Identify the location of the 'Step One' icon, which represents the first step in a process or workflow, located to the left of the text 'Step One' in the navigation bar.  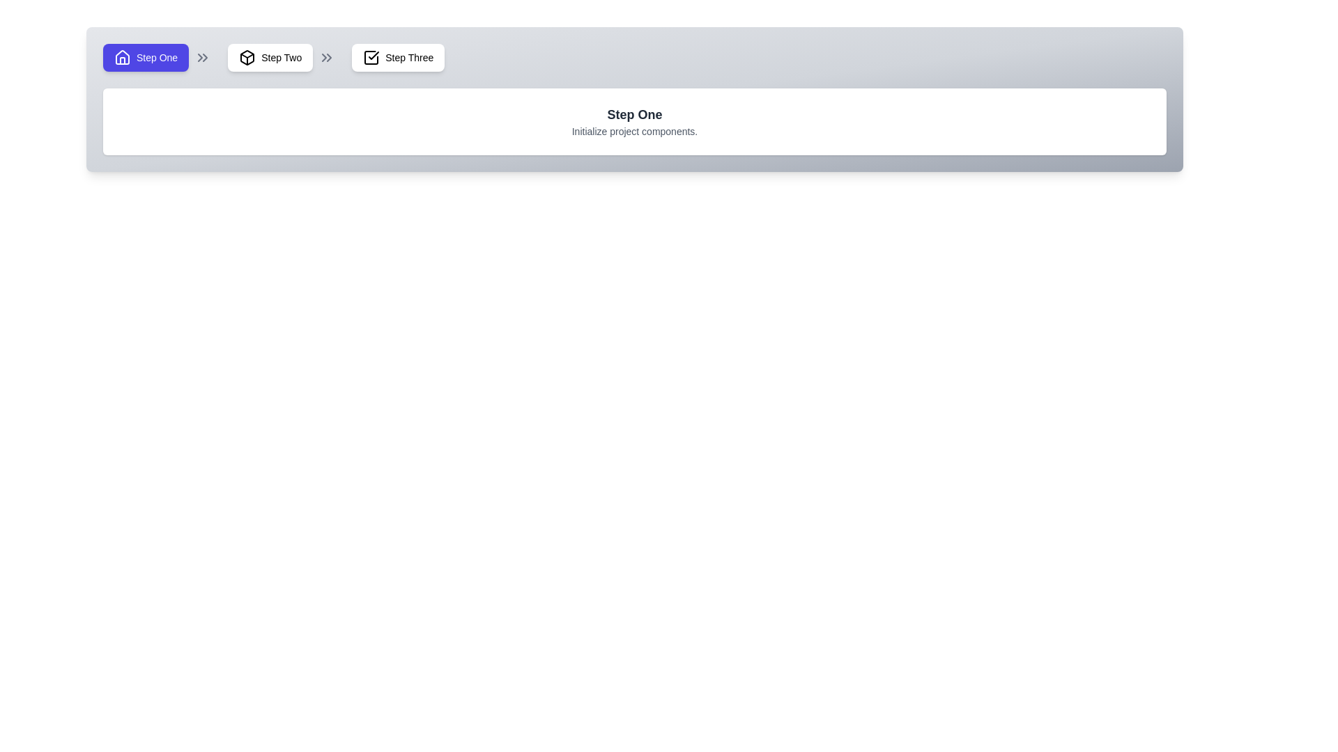
(123, 57).